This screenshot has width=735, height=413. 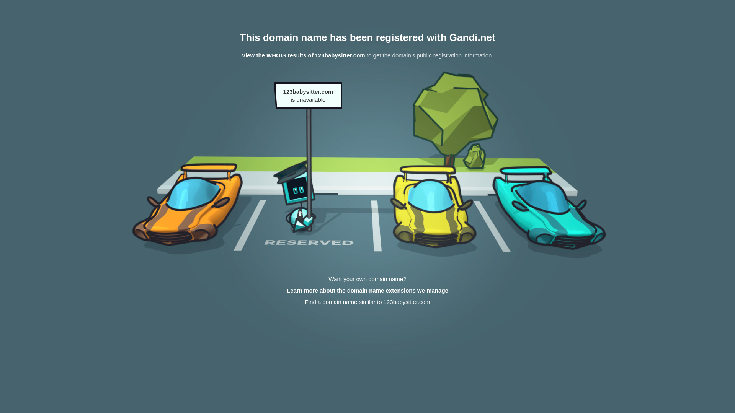 What do you see at coordinates (304, 301) in the screenshot?
I see `'Find a domain name similar to 123babysitter.com'` at bounding box center [304, 301].